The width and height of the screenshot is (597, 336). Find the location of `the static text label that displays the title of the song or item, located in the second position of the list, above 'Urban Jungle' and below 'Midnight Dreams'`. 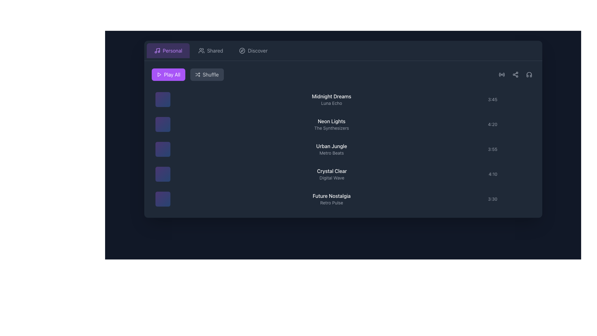

the static text label that displays the title of the song or item, located in the second position of the list, above 'Urban Jungle' and below 'Midnight Dreams' is located at coordinates (331, 121).